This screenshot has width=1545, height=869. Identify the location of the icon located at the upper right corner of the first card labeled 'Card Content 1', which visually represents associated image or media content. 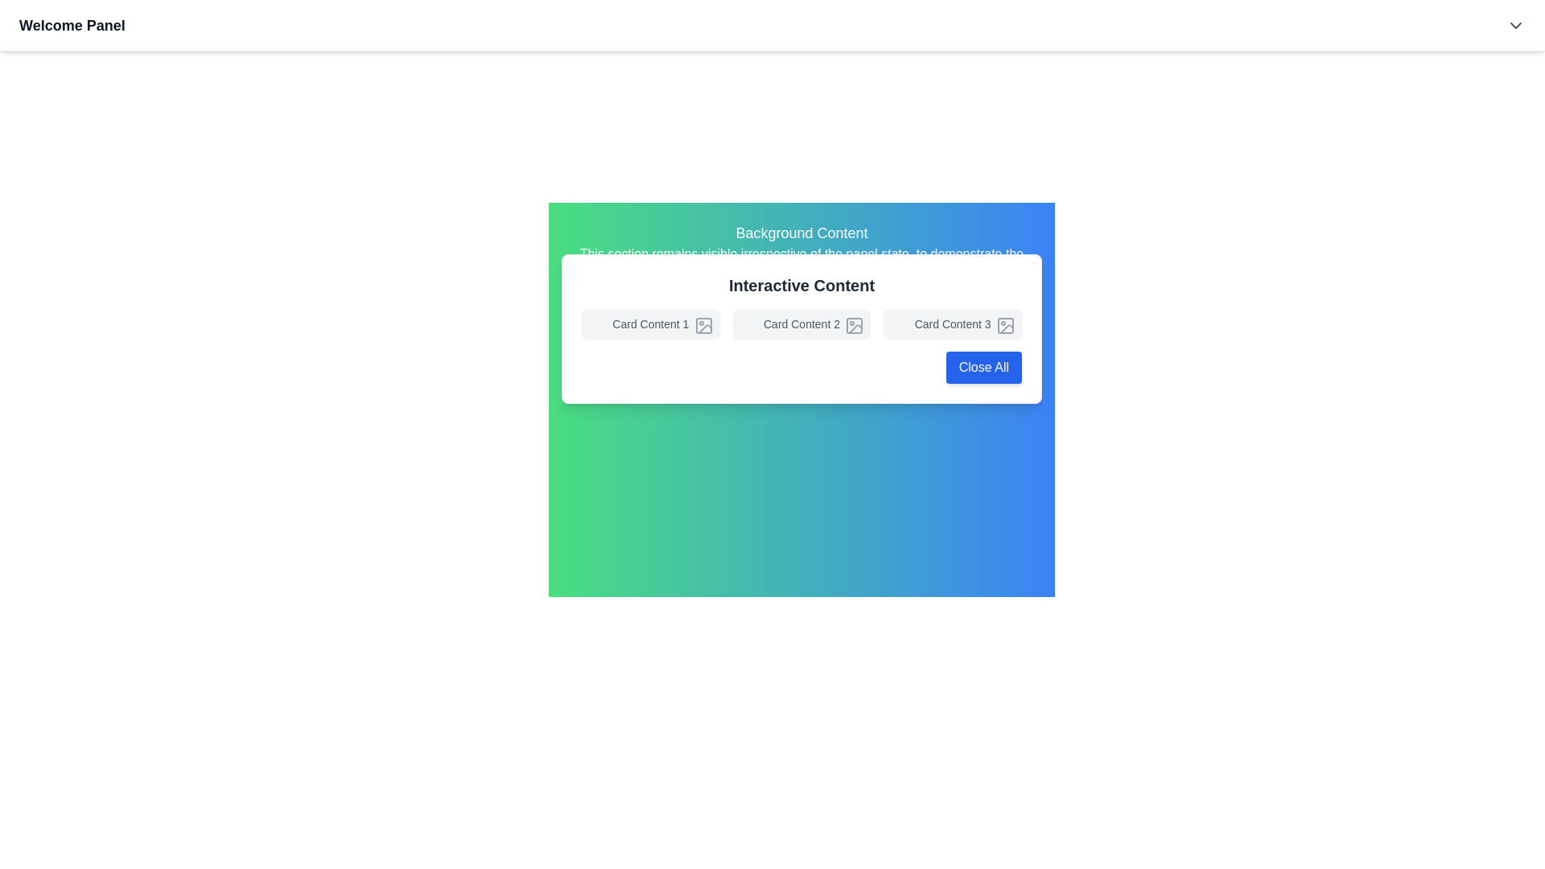
(703, 326).